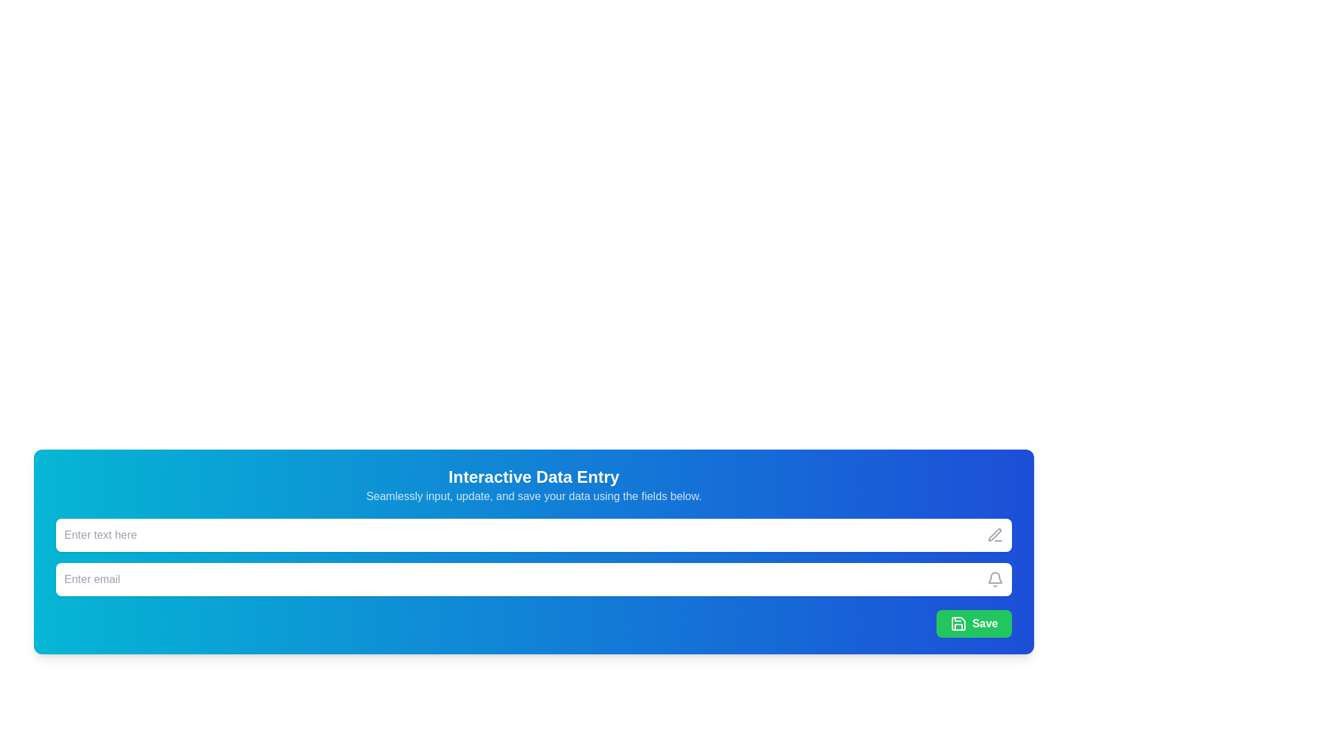 The width and height of the screenshot is (1329, 747). Describe the element at coordinates (957, 624) in the screenshot. I see `the compact icon resembling a save or file symbol located at the bottom right corner of the green 'Save' button on the blue gradient user input panel` at that location.